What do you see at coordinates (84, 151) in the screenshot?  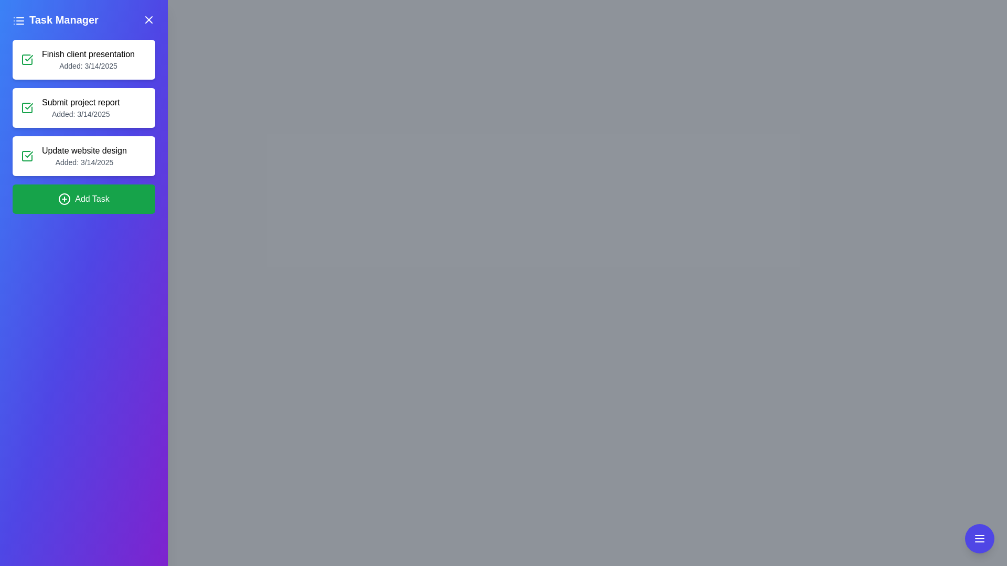 I see `the text label displaying 'Update website design' located at the top of the third task card in the vertical list of tasks` at bounding box center [84, 151].